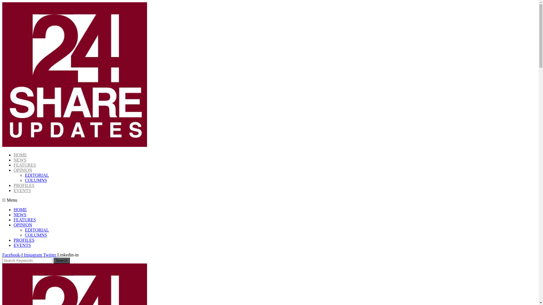 The width and height of the screenshot is (543, 305). Describe the element at coordinates (20, 215) in the screenshot. I see `'NEWS'` at that location.